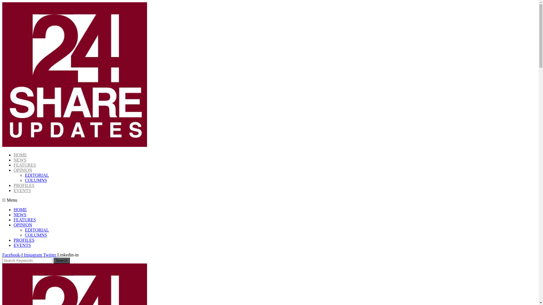 The width and height of the screenshot is (543, 305). Describe the element at coordinates (20, 215) in the screenshot. I see `'NEWS'` at that location.